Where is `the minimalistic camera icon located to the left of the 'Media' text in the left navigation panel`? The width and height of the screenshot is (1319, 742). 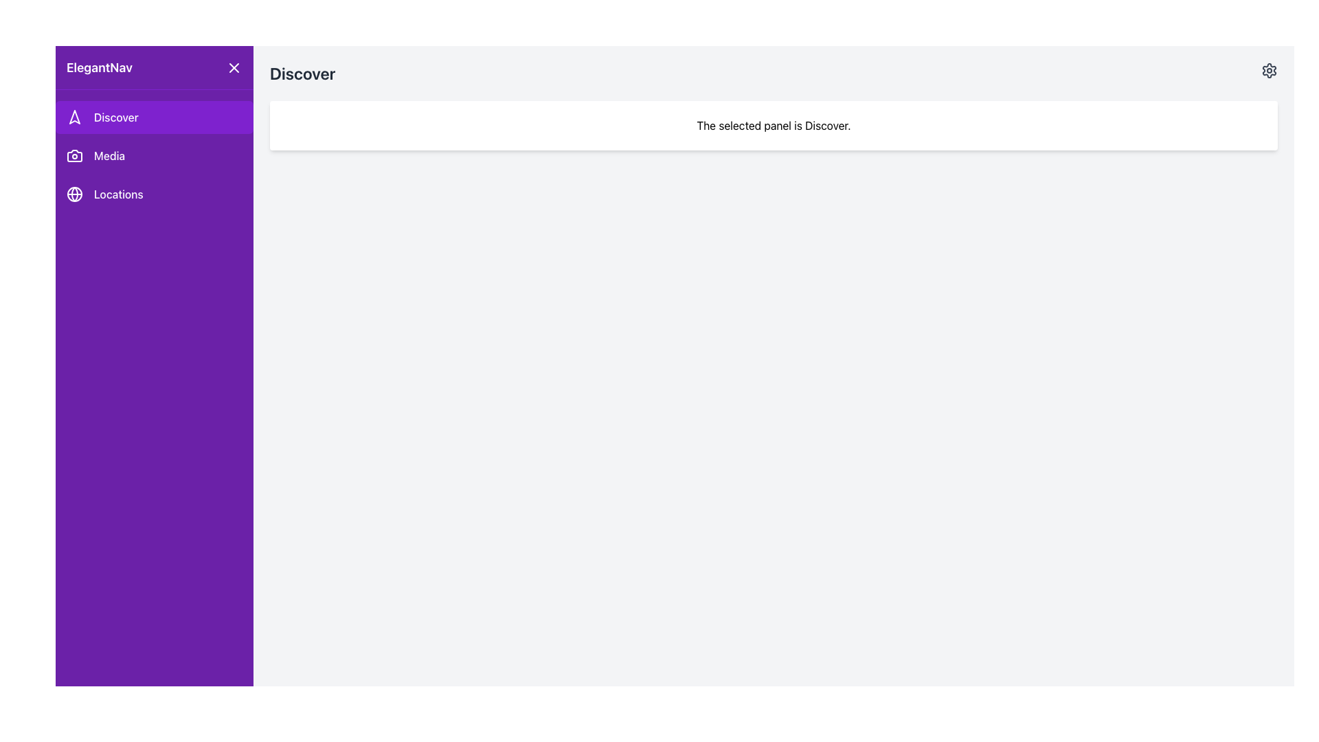 the minimalistic camera icon located to the left of the 'Media' text in the left navigation panel is located at coordinates (74, 155).